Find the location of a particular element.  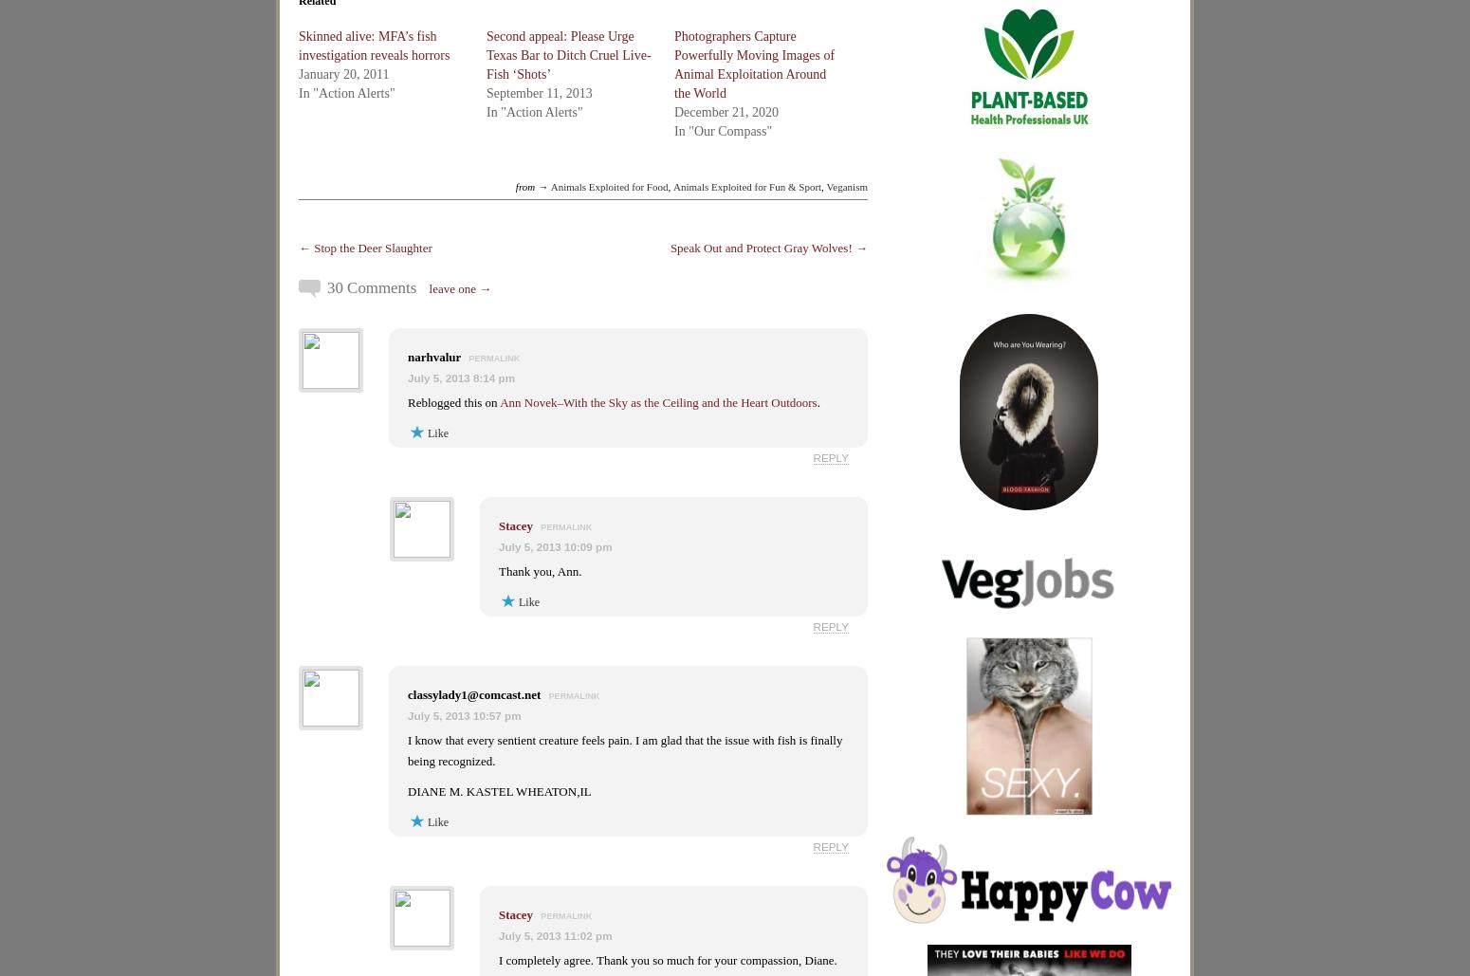

'July 5, 2013 10:09 pm' is located at coordinates (555, 545).